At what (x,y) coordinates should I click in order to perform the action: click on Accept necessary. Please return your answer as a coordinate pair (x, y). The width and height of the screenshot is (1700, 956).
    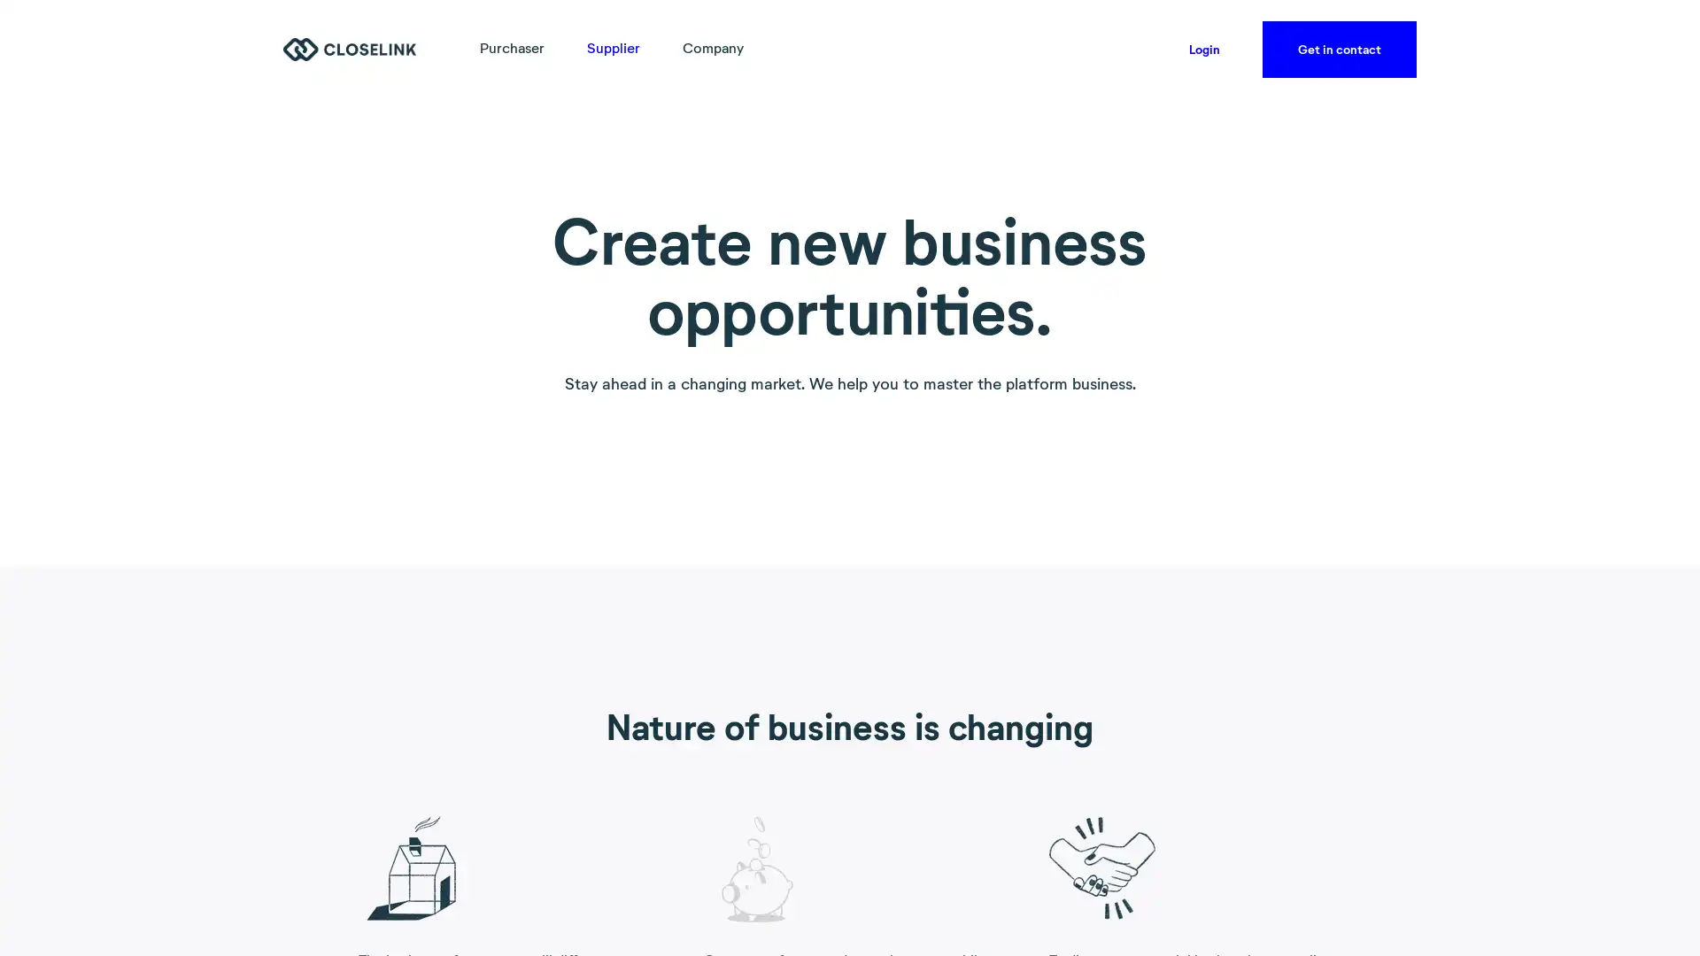
    Looking at the image, I should click on (733, 617).